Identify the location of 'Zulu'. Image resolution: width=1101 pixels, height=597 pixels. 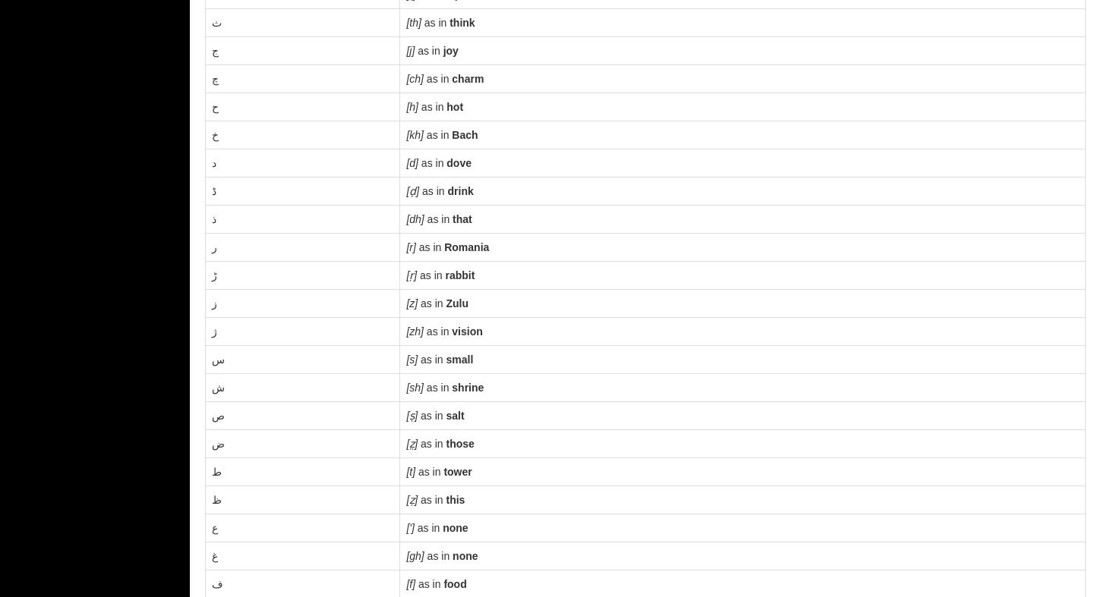
(445, 303).